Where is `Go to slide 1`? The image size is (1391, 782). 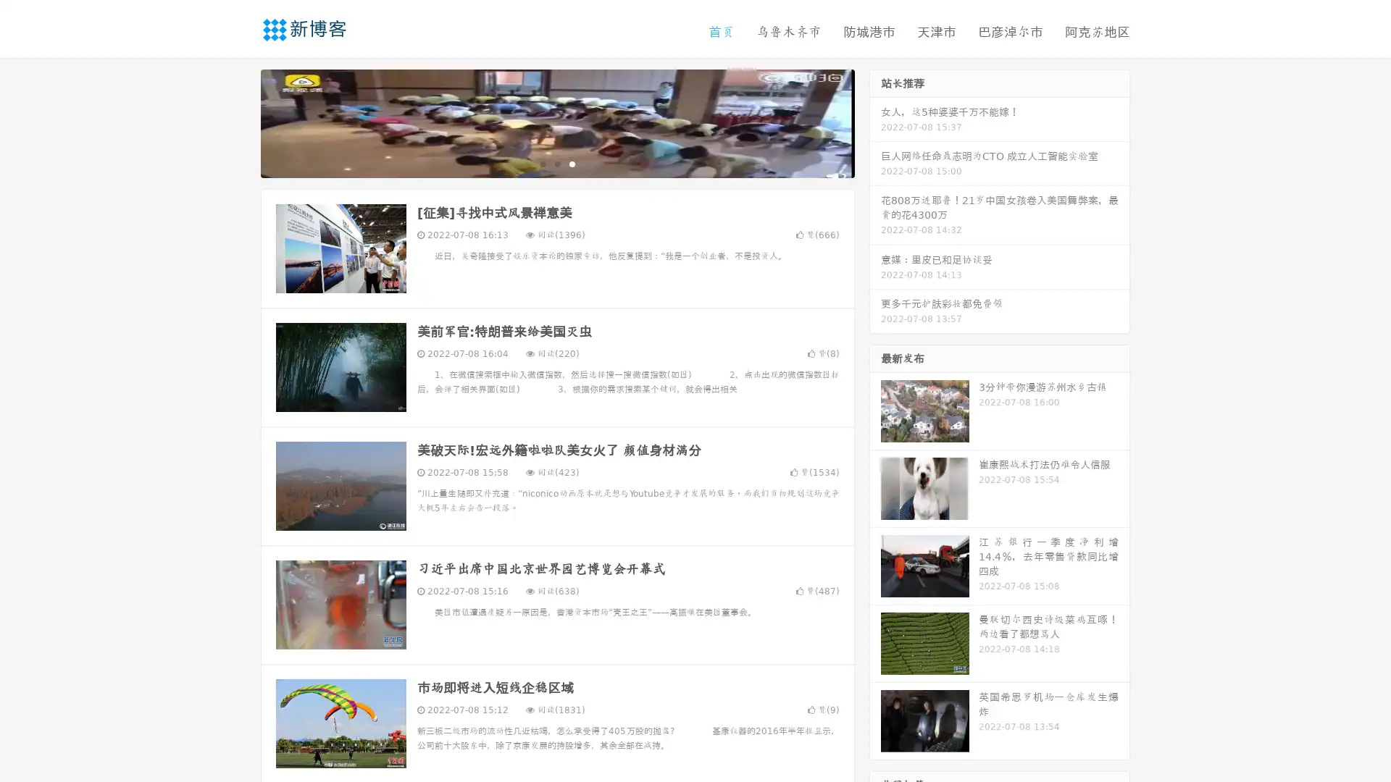 Go to slide 1 is located at coordinates (542, 163).